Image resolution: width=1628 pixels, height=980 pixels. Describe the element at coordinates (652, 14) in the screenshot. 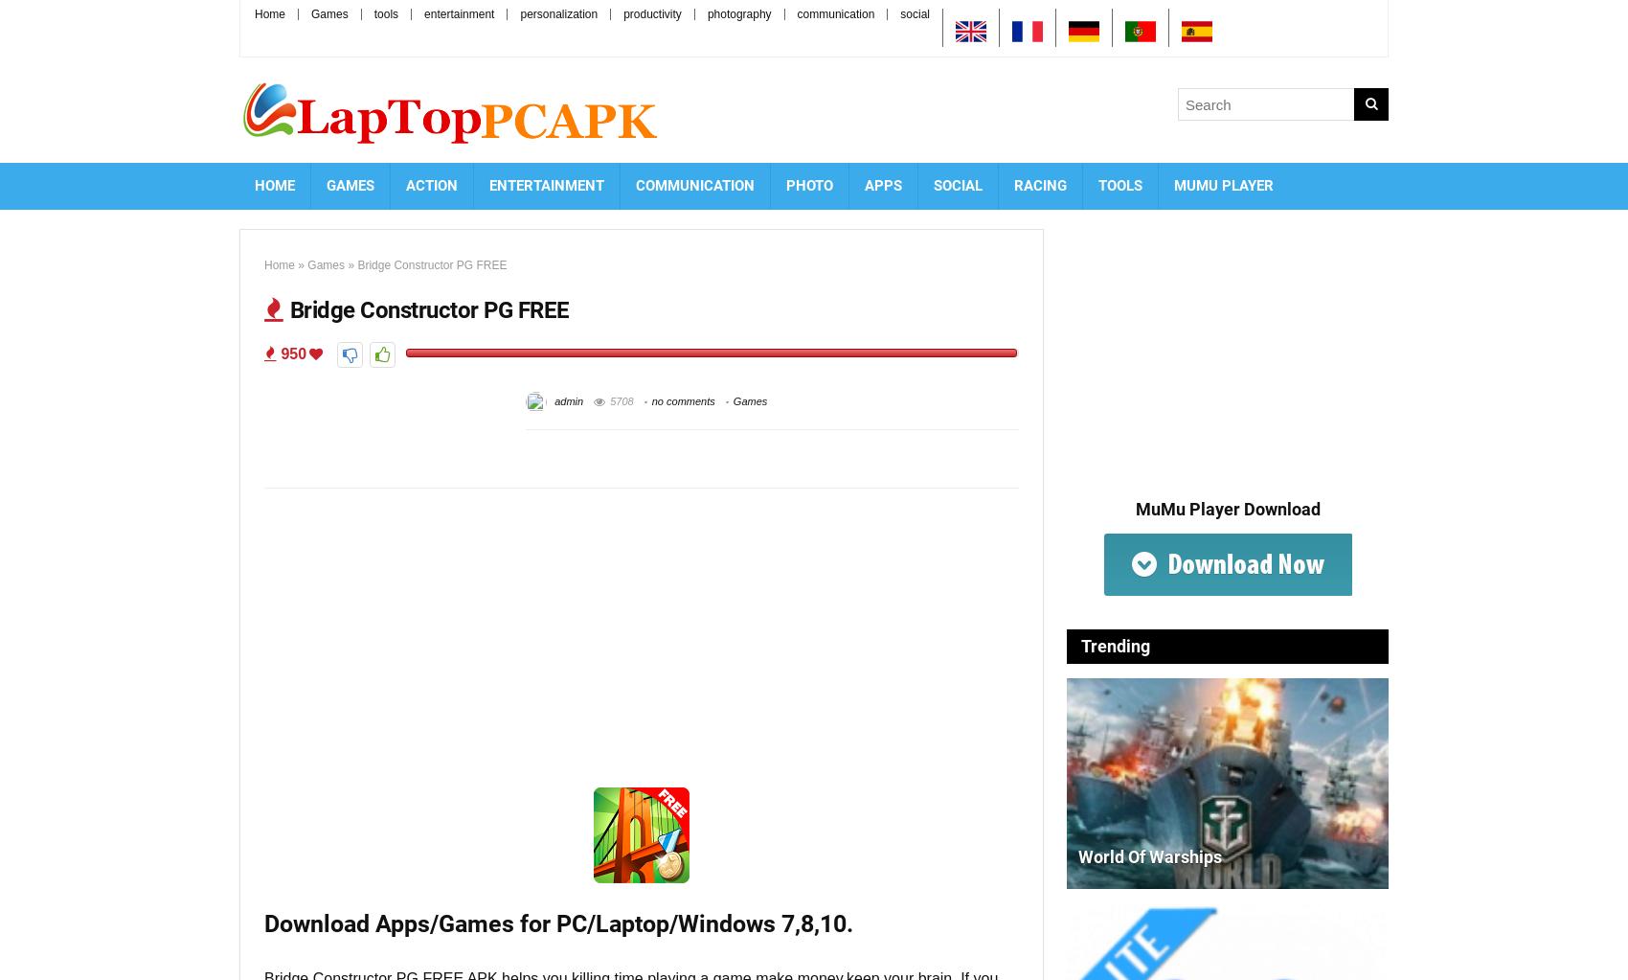

I see `'productivity'` at that location.